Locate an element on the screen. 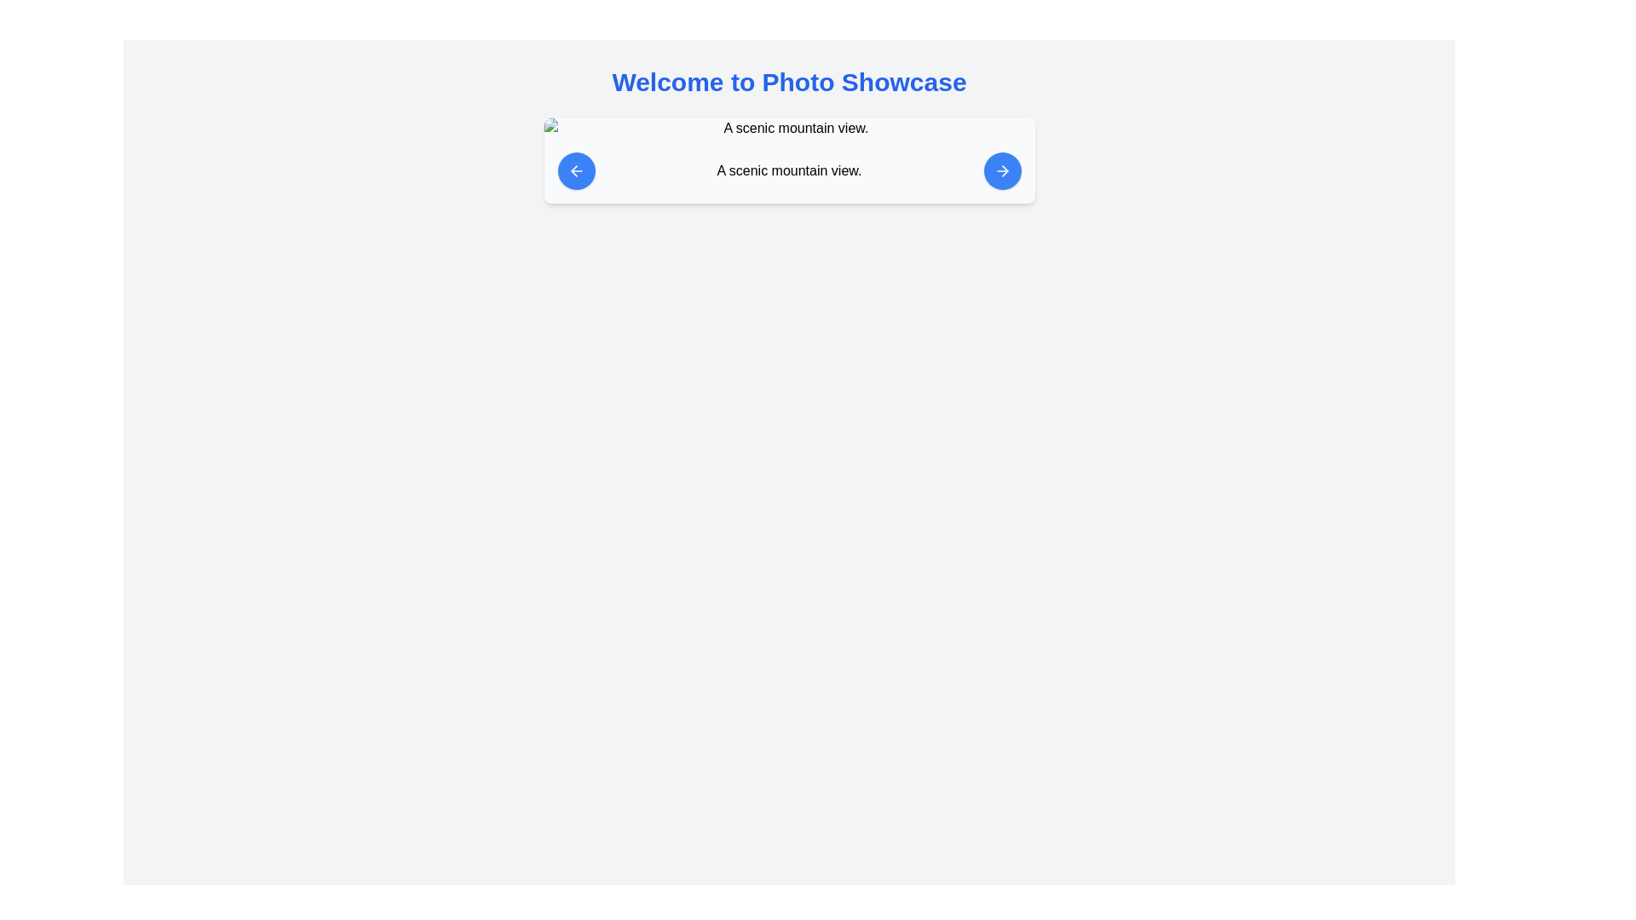  the leftward-pointing arrow icon within the circular button is located at coordinates (573, 170).